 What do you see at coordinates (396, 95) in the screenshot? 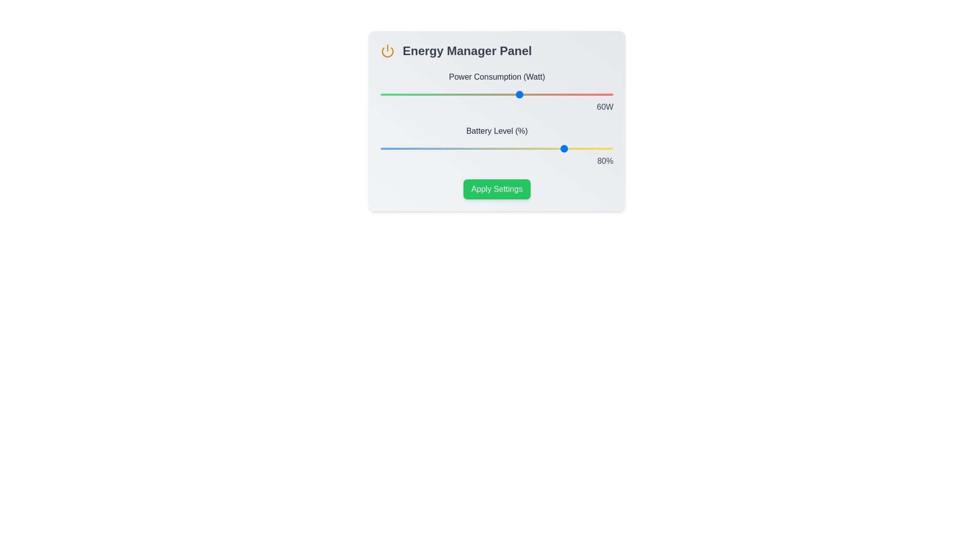
I see `the power consumption slider to 7 percent` at bounding box center [396, 95].